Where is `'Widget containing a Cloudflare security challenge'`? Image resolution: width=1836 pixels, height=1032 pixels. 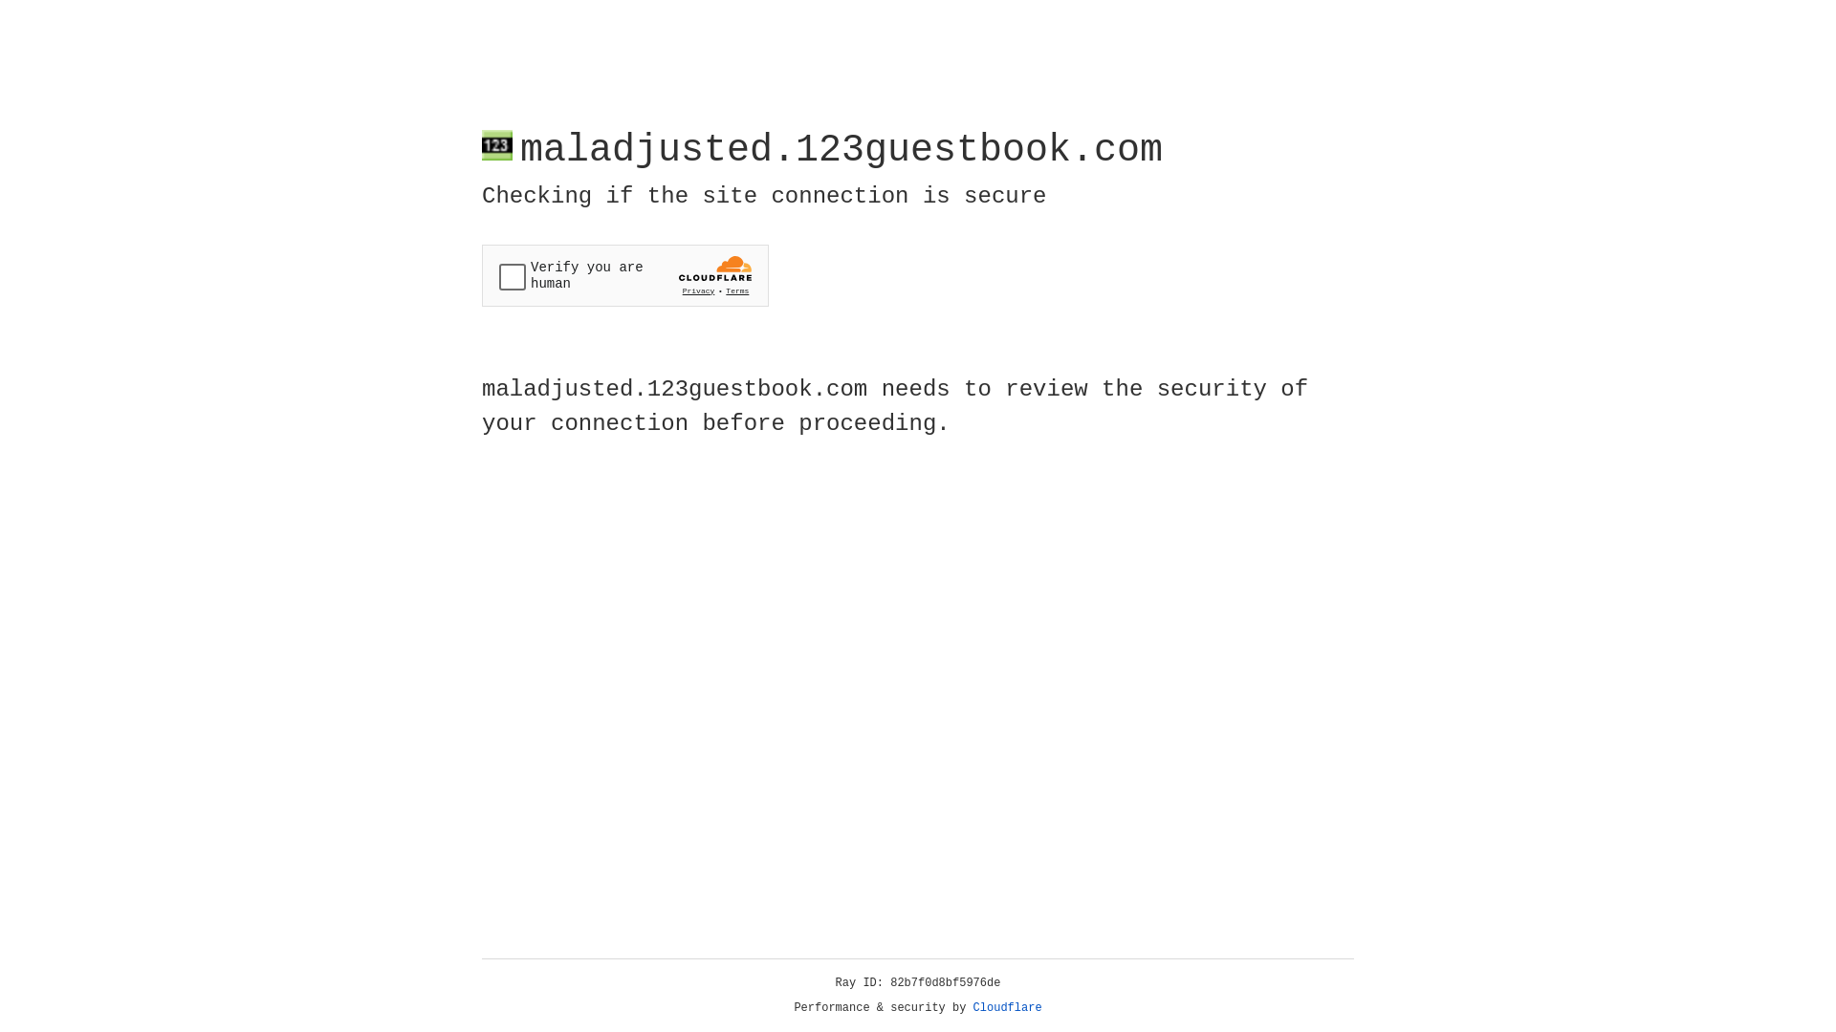 'Widget containing a Cloudflare security challenge' is located at coordinates (624, 275).